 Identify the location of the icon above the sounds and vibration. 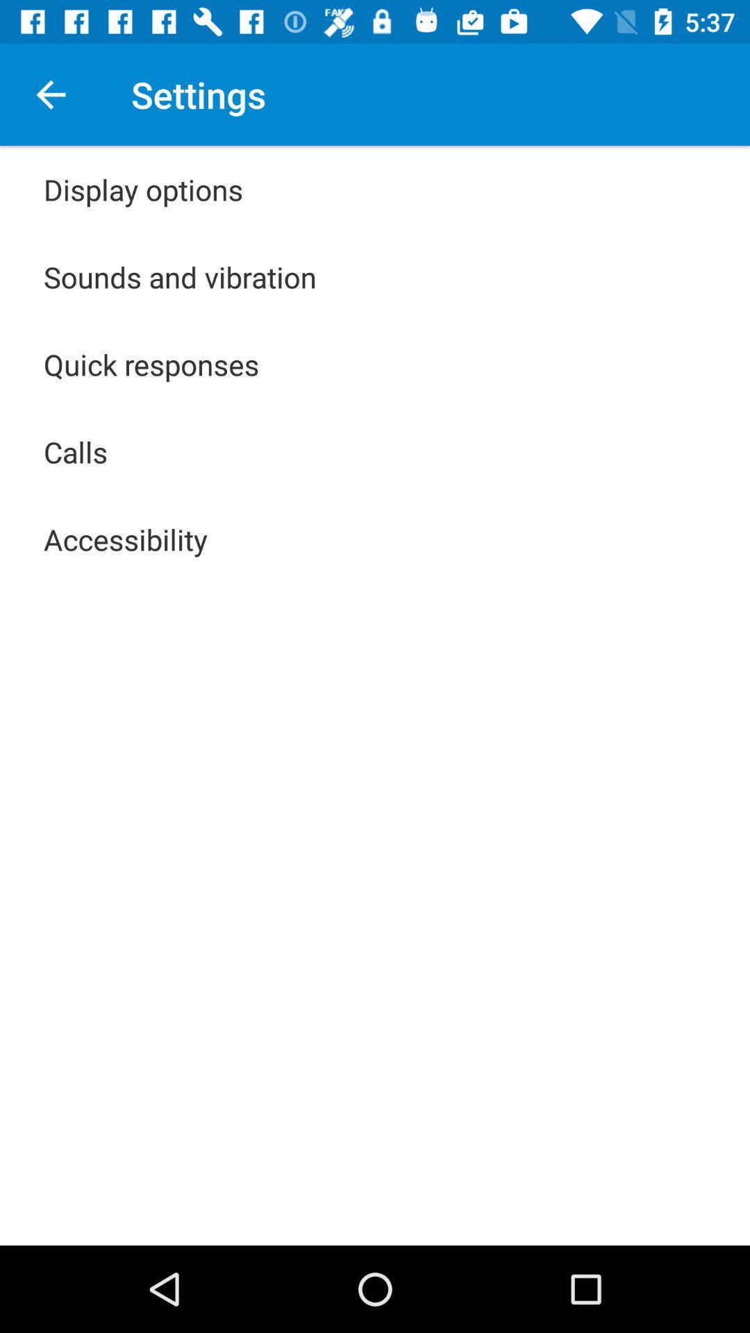
(143, 189).